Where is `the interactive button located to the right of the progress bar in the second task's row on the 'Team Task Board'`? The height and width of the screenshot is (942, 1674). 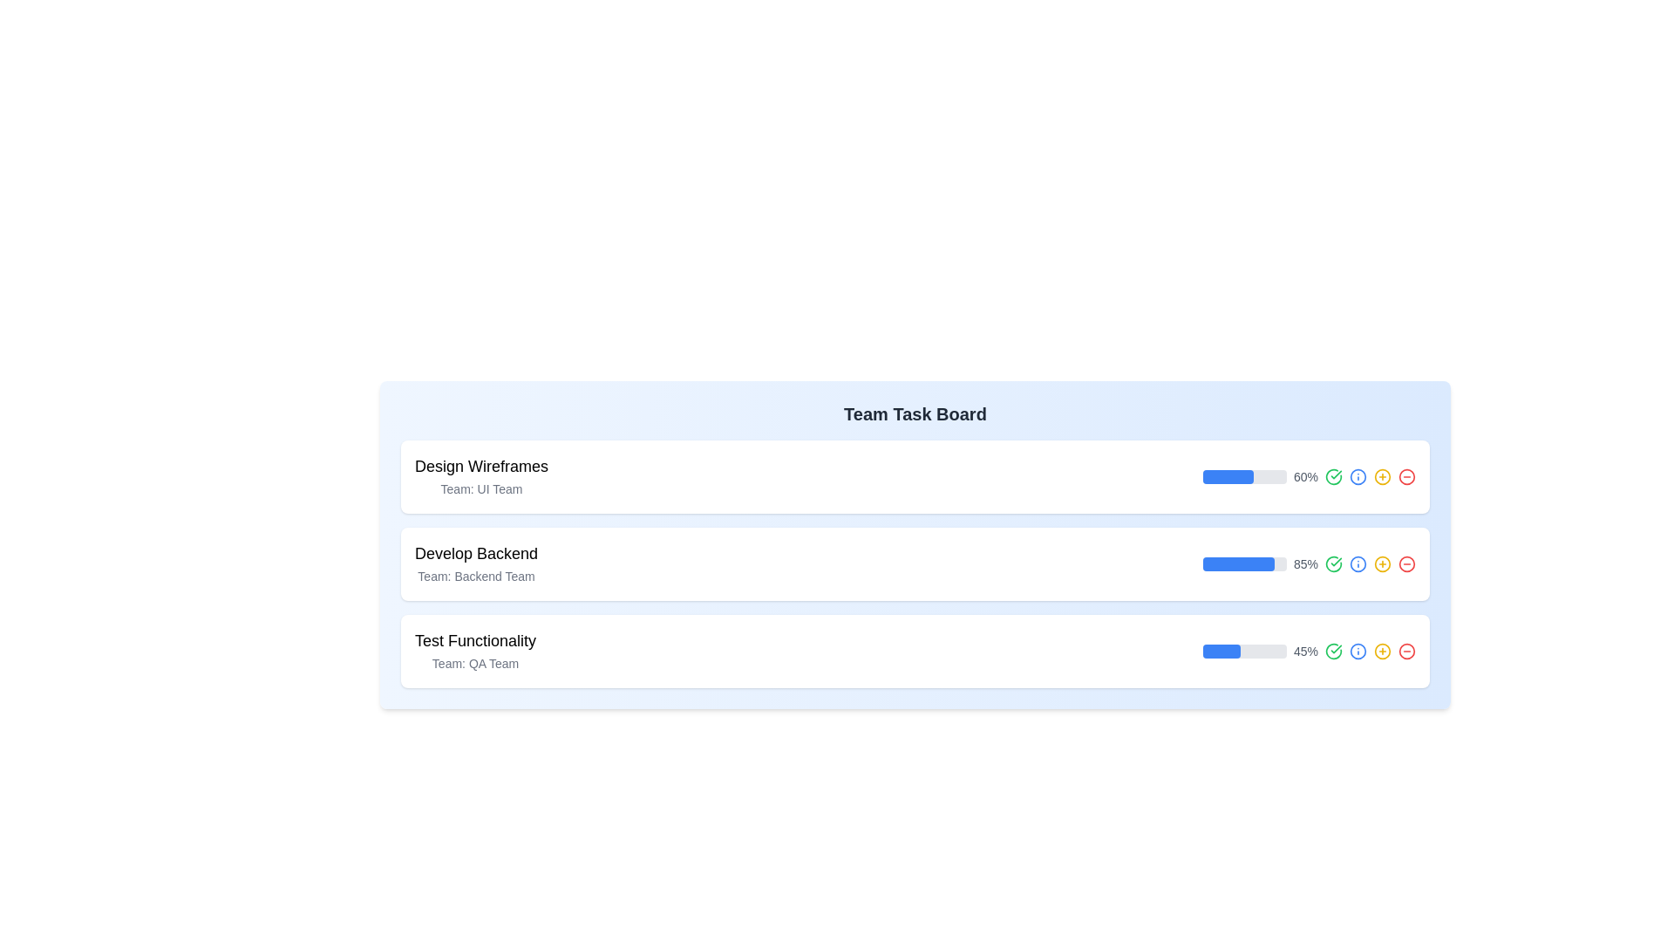
the interactive button located to the right of the progress bar in the second task's row on the 'Team Task Board' is located at coordinates (1381, 564).